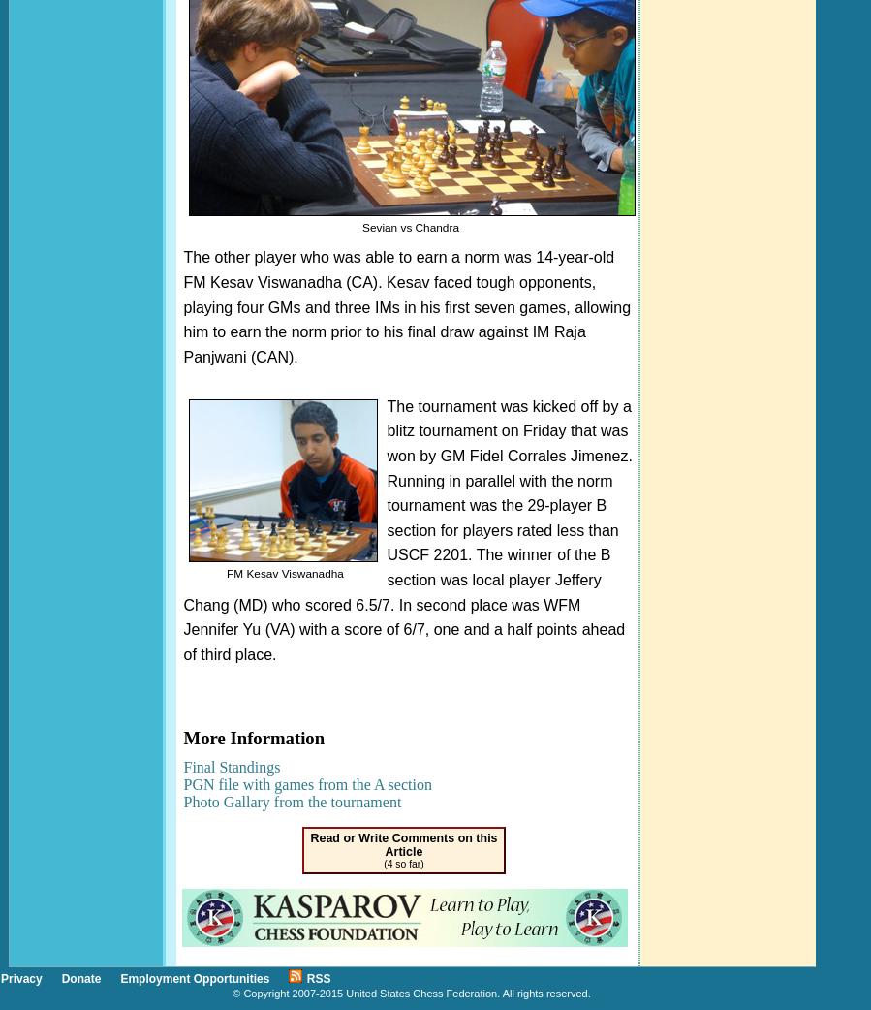 This screenshot has height=1010, width=871. Describe the element at coordinates (317, 977) in the screenshot. I see `'RSS'` at that location.